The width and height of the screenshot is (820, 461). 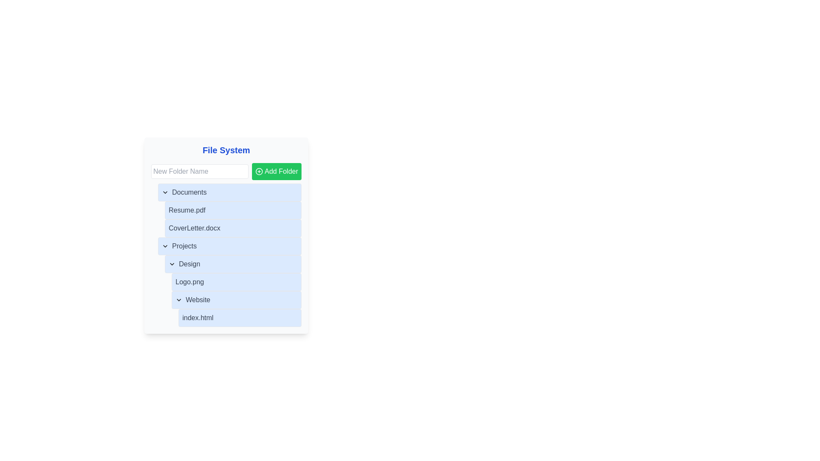 I want to click on the 'Design' text label within the collapsible list under the 'Projects' section, so click(x=189, y=263).